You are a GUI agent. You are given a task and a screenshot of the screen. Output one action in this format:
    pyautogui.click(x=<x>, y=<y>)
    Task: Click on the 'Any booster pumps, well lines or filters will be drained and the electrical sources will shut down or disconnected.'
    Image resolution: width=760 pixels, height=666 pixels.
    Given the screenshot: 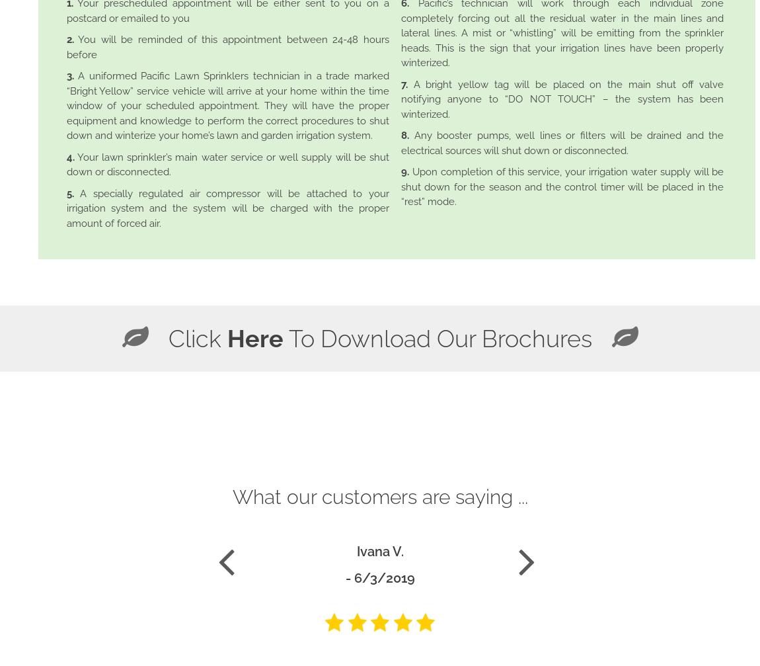 What is the action you would take?
    pyautogui.click(x=561, y=143)
    